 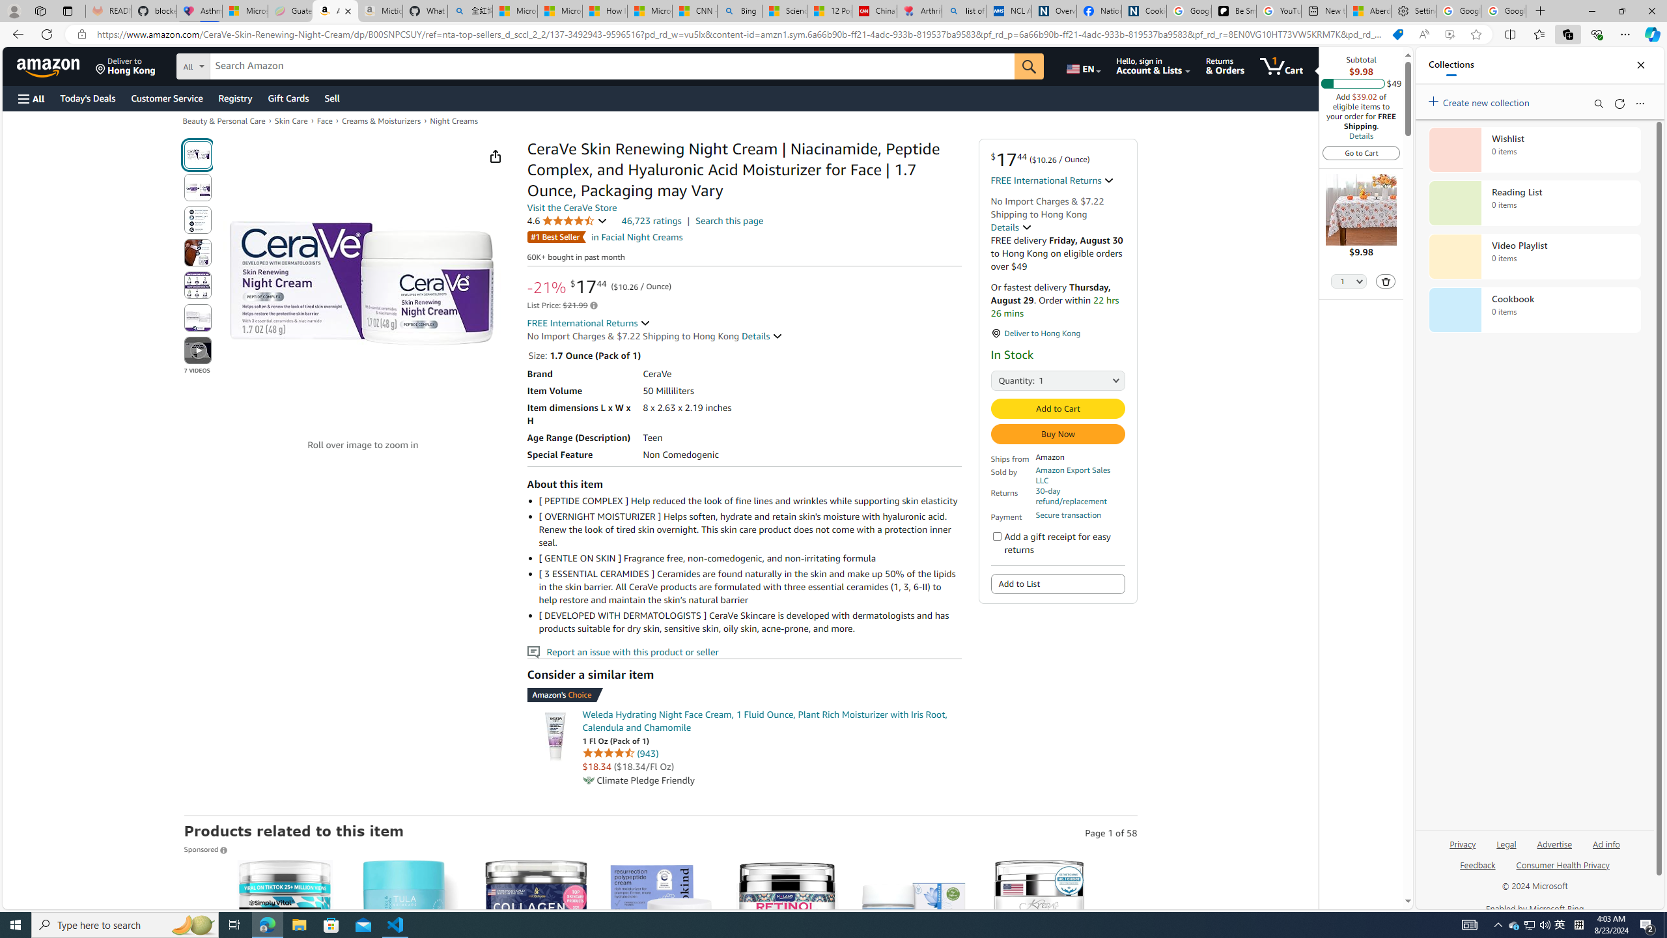 What do you see at coordinates (1058, 584) in the screenshot?
I see `'Add to List'` at bounding box center [1058, 584].